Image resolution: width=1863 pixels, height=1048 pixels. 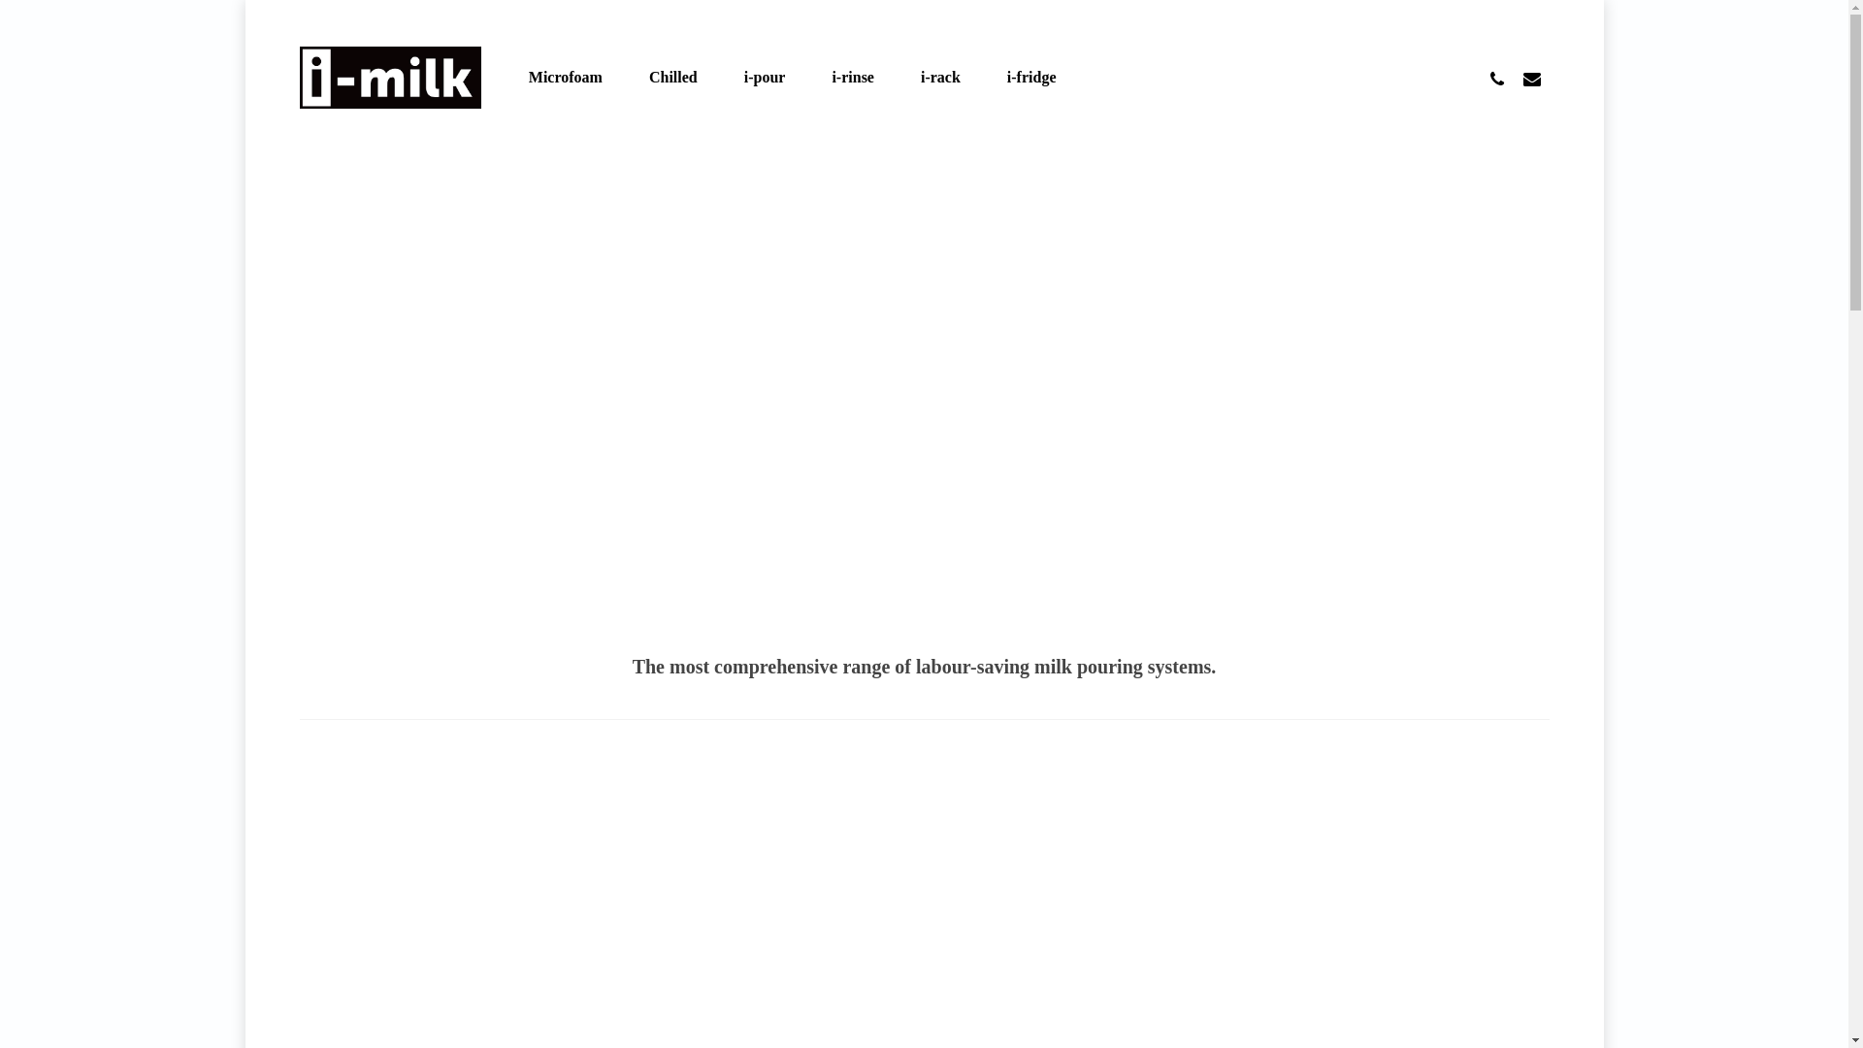 What do you see at coordinates (920, 77) in the screenshot?
I see `'i-rack'` at bounding box center [920, 77].